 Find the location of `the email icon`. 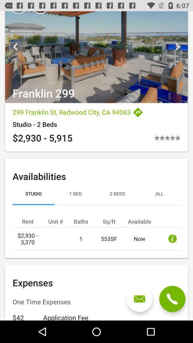

the email icon is located at coordinates (139, 299).